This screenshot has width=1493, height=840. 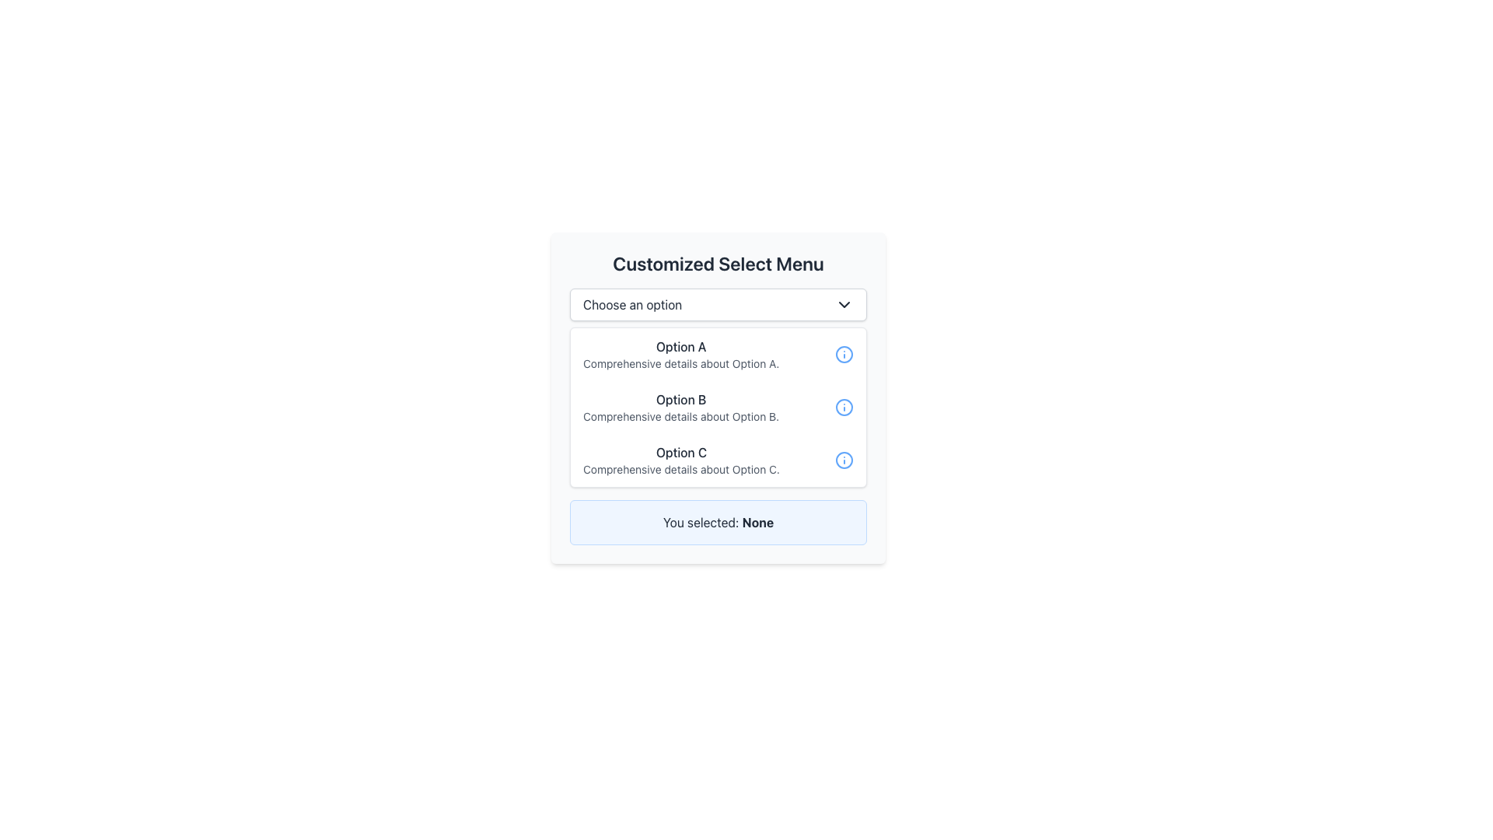 What do you see at coordinates (681, 346) in the screenshot?
I see `the title of the first selectable option in the dropdown menu` at bounding box center [681, 346].